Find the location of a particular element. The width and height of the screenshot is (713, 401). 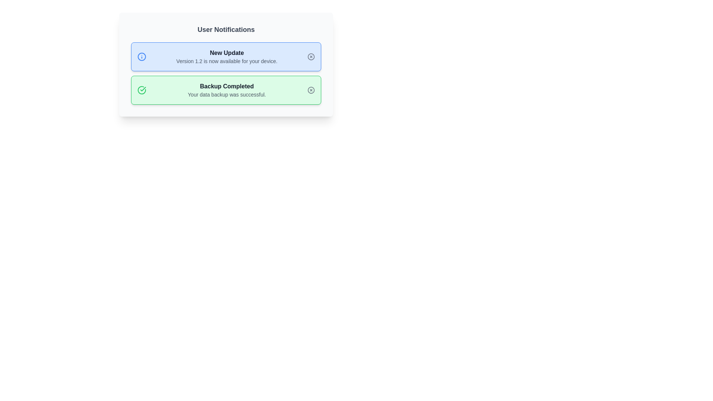

the SVG Circle that visually represents a part of the icon used for dismissing or interacting with the 'New Update' notification box is located at coordinates (311, 56).